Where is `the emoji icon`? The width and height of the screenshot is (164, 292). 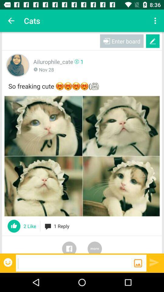 the emoji icon is located at coordinates (8, 262).